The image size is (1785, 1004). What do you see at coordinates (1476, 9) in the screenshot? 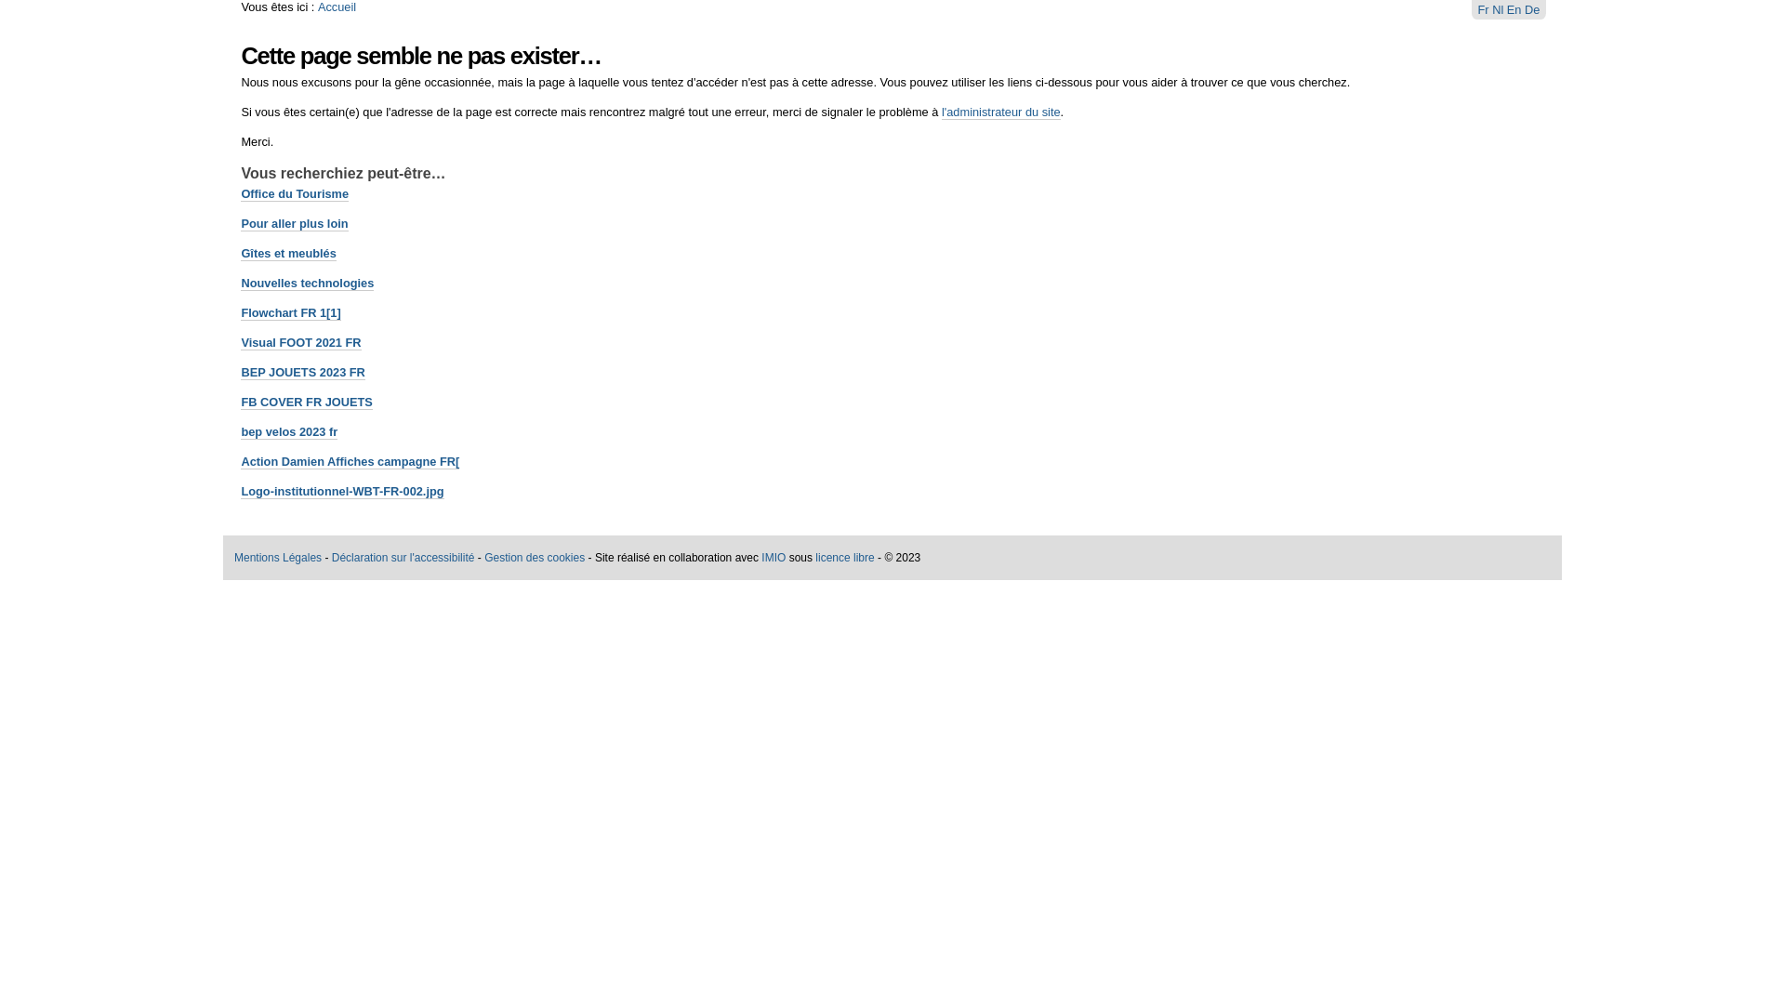
I see `'Fr'` at bounding box center [1476, 9].